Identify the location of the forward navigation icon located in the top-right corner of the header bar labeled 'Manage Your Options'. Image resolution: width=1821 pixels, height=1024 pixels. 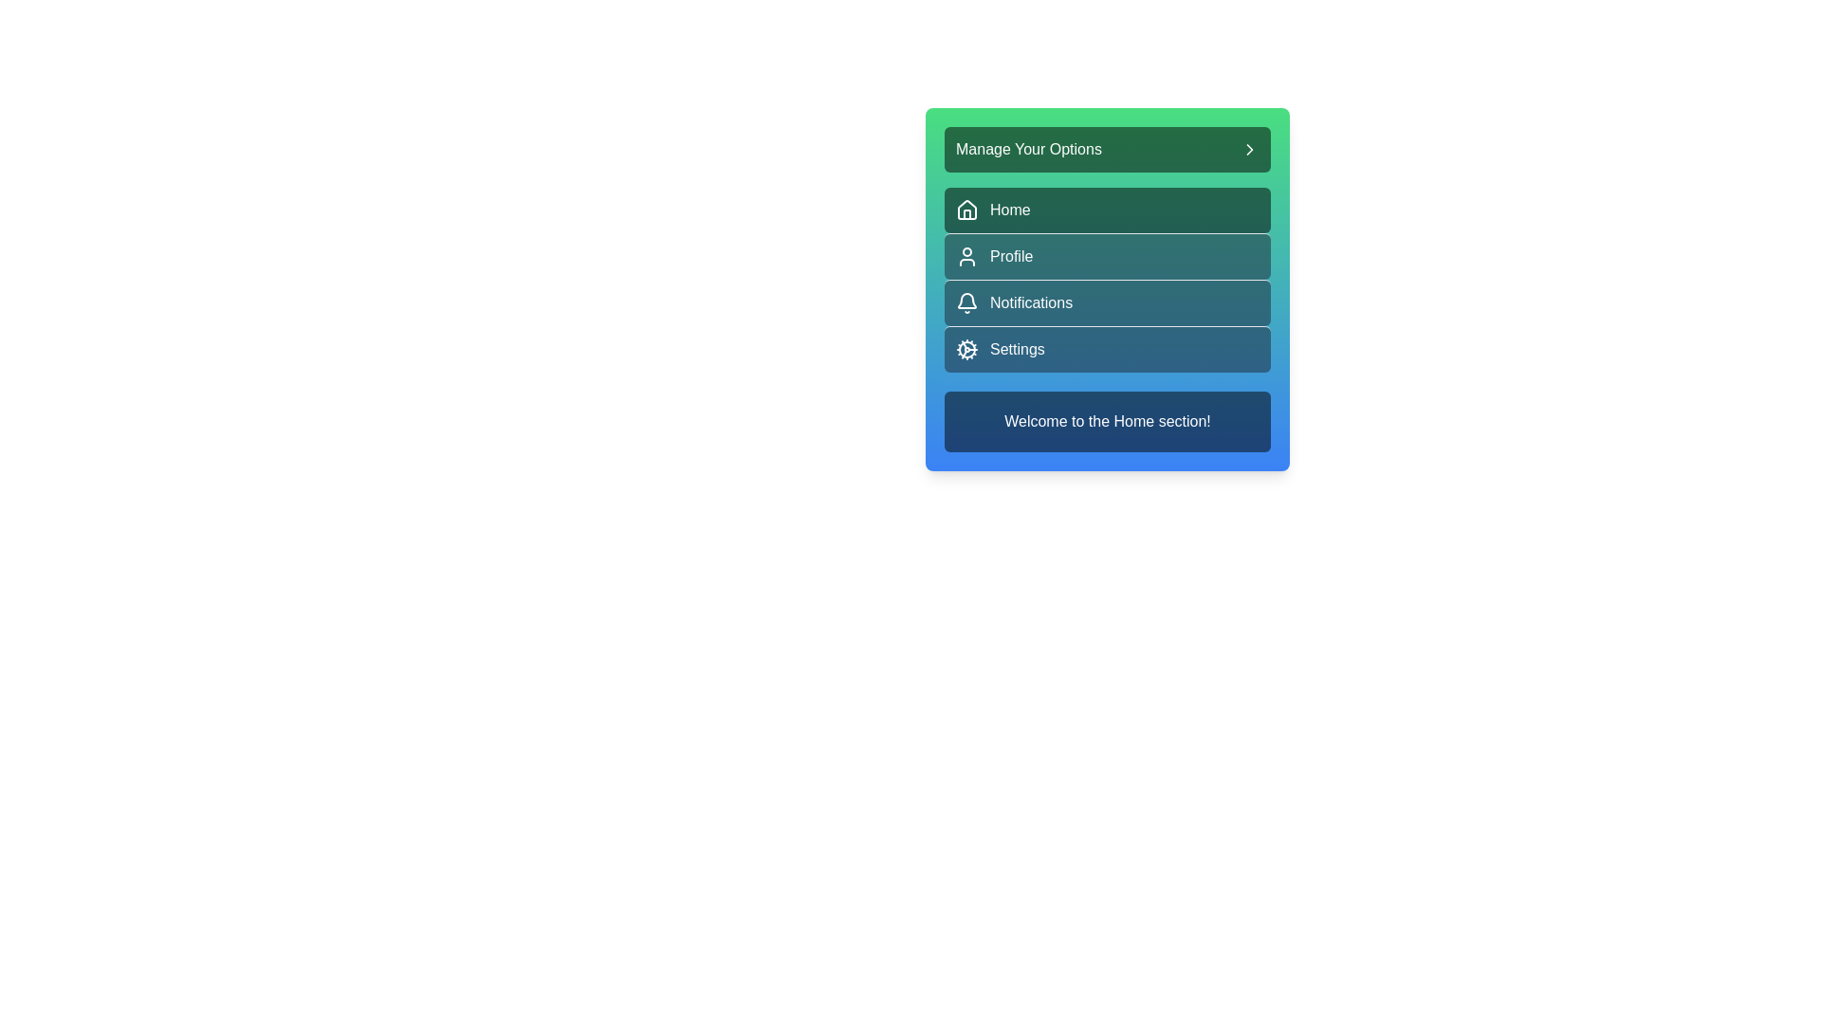
(1250, 149).